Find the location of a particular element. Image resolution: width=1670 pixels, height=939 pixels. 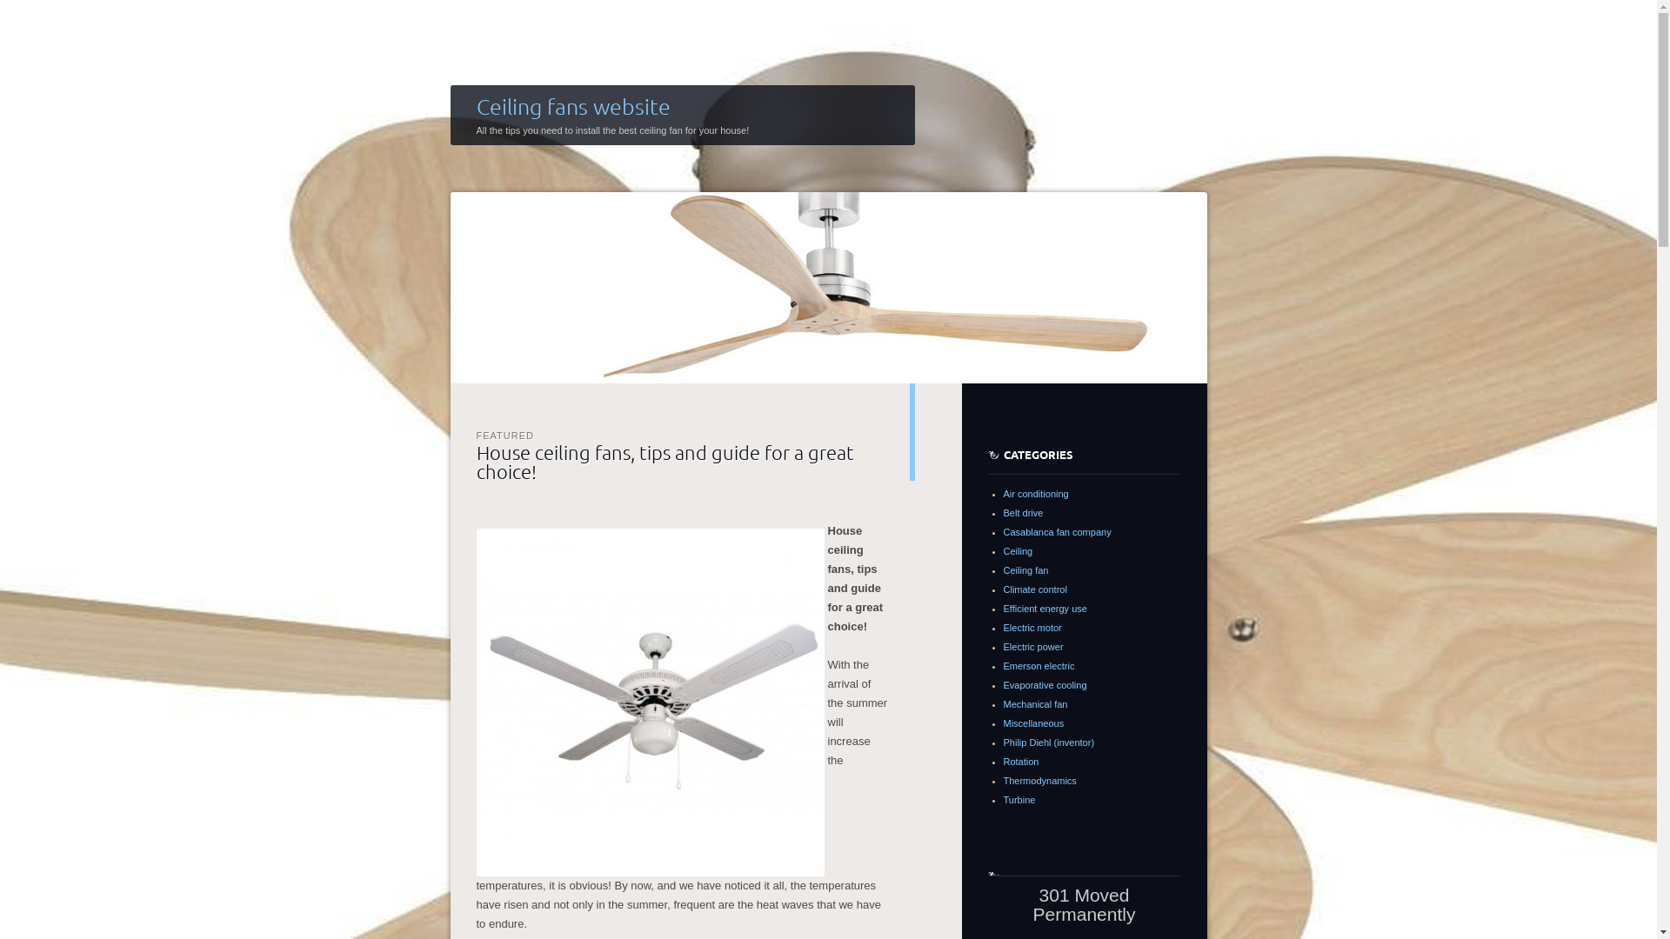

'Ceiling' is located at coordinates (1019, 550).